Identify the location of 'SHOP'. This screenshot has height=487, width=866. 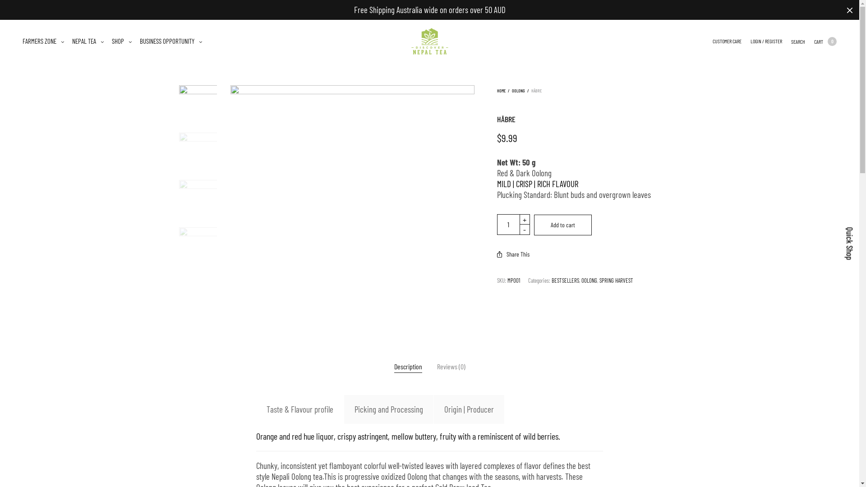
(121, 41).